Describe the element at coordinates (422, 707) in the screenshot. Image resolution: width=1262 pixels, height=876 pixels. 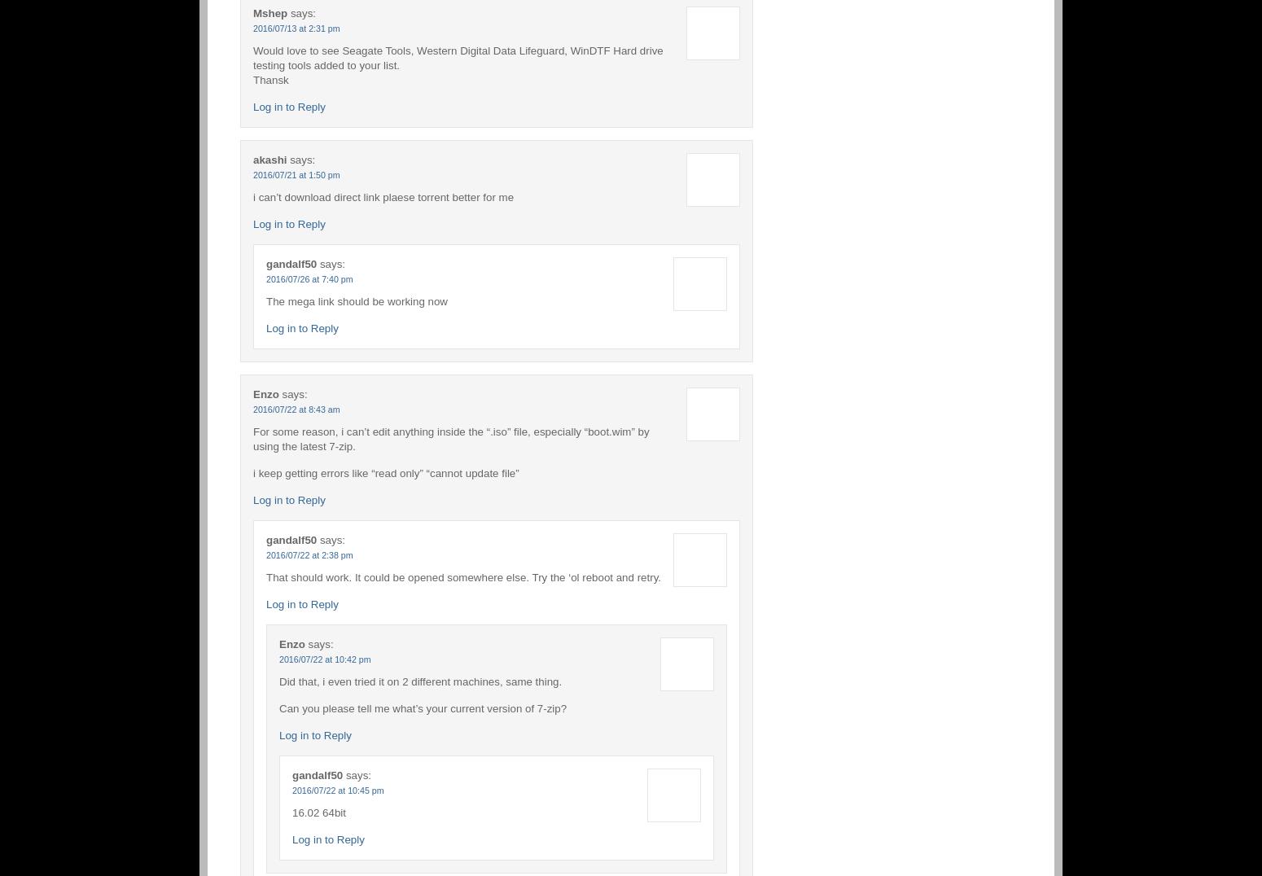
I see `'Can you please tell me what’s your current version of 7-zip?'` at that location.